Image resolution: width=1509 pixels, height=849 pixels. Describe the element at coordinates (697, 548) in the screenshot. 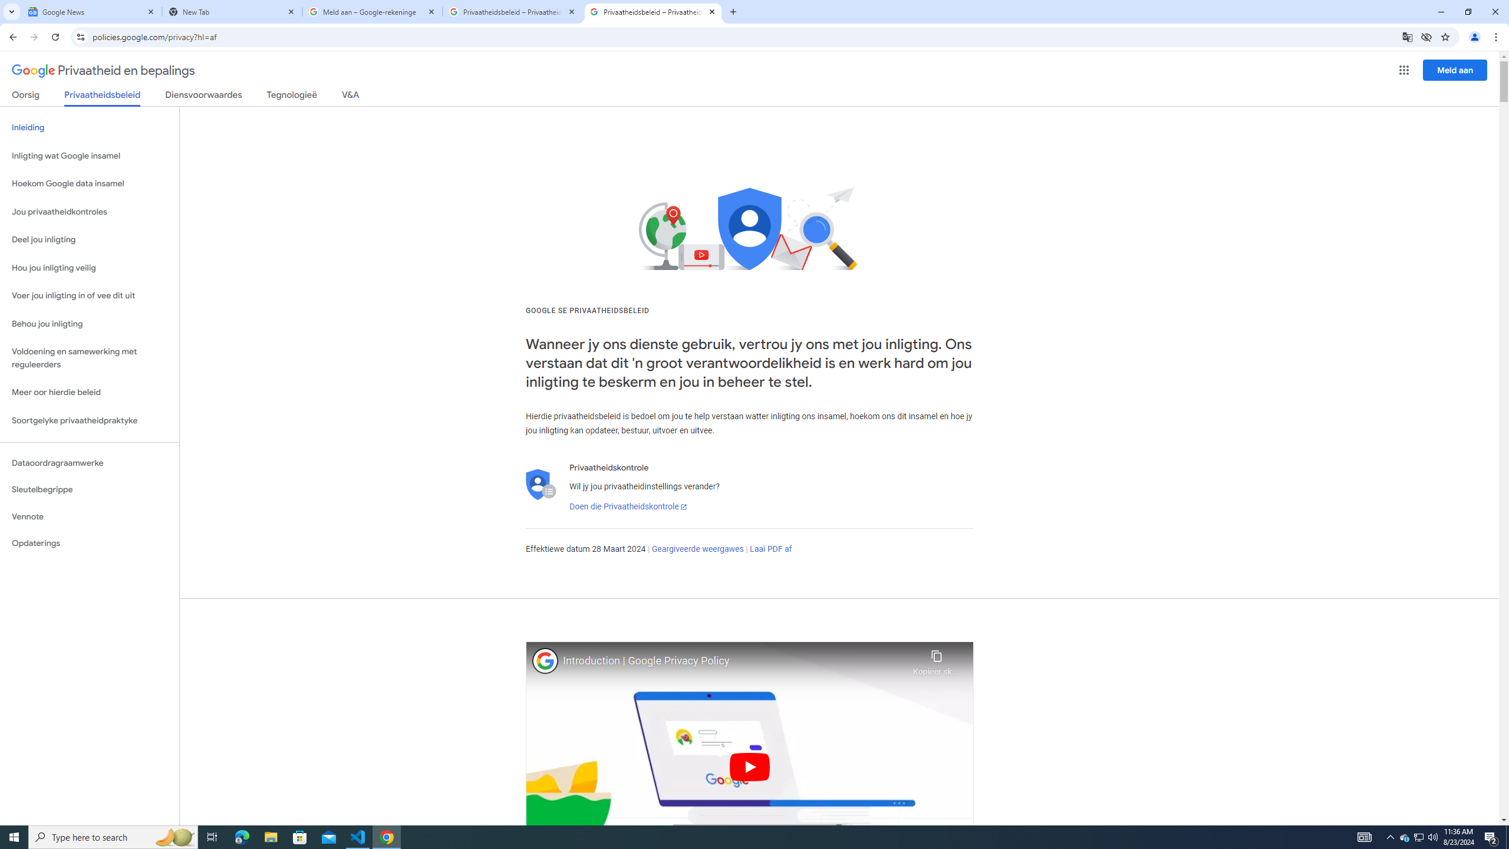

I see `'Geargiveerde weergawes'` at that location.